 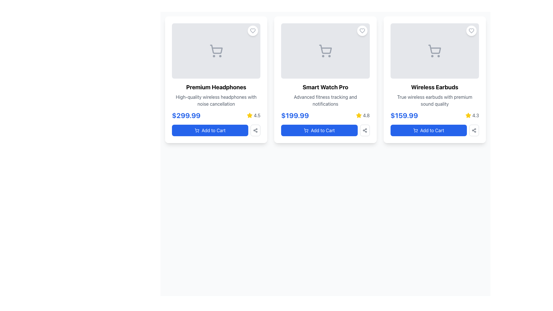 What do you see at coordinates (474, 130) in the screenshot?
I see `the share button for the 'Wireless Earbuds' product located in the third card, positioned below the star rating and to the right of the 'Add to Cart' button, to observe the hover effects` at bounding box center [474, 130].